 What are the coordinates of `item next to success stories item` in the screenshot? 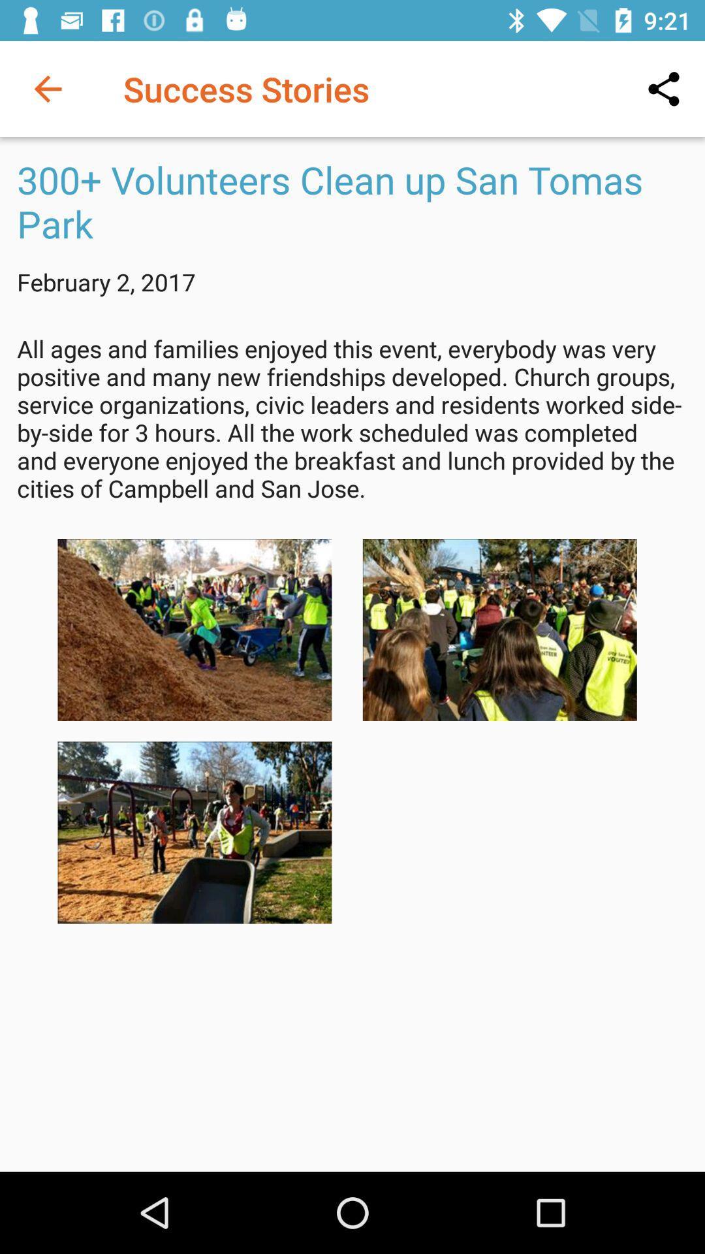 It's located at (664, 88).